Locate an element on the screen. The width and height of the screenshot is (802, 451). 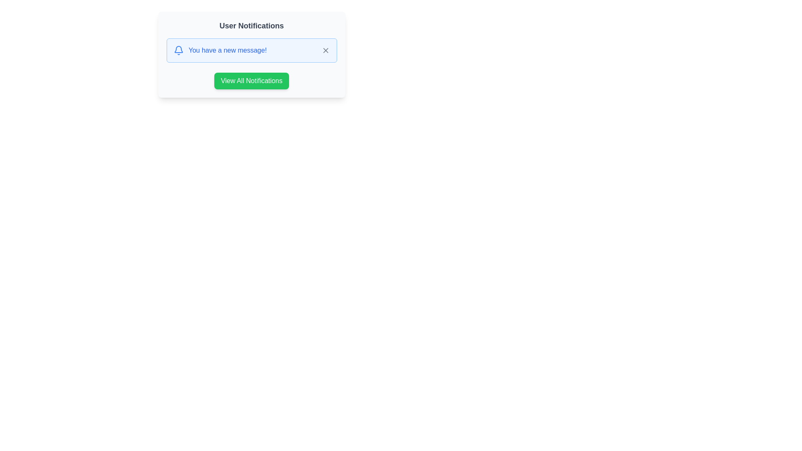
the notification button located in the notification panel is located at coordinates (251, 81).